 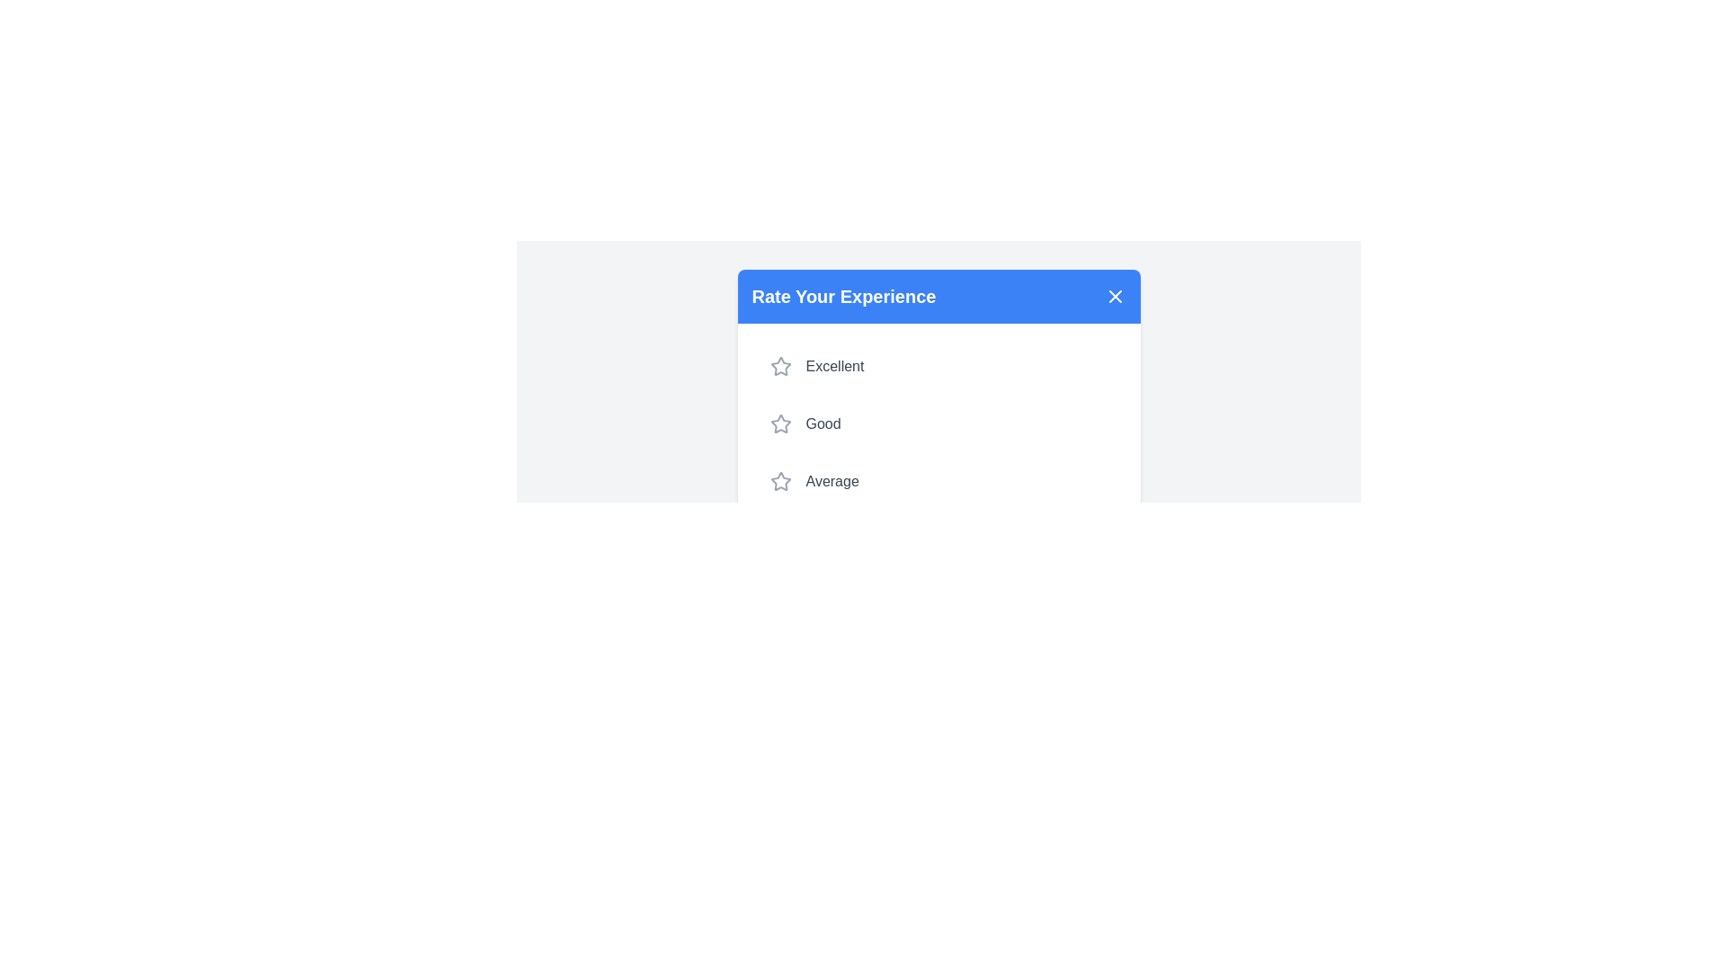 I want to click on the rating option Average from the list, so click(x=938, y=481).